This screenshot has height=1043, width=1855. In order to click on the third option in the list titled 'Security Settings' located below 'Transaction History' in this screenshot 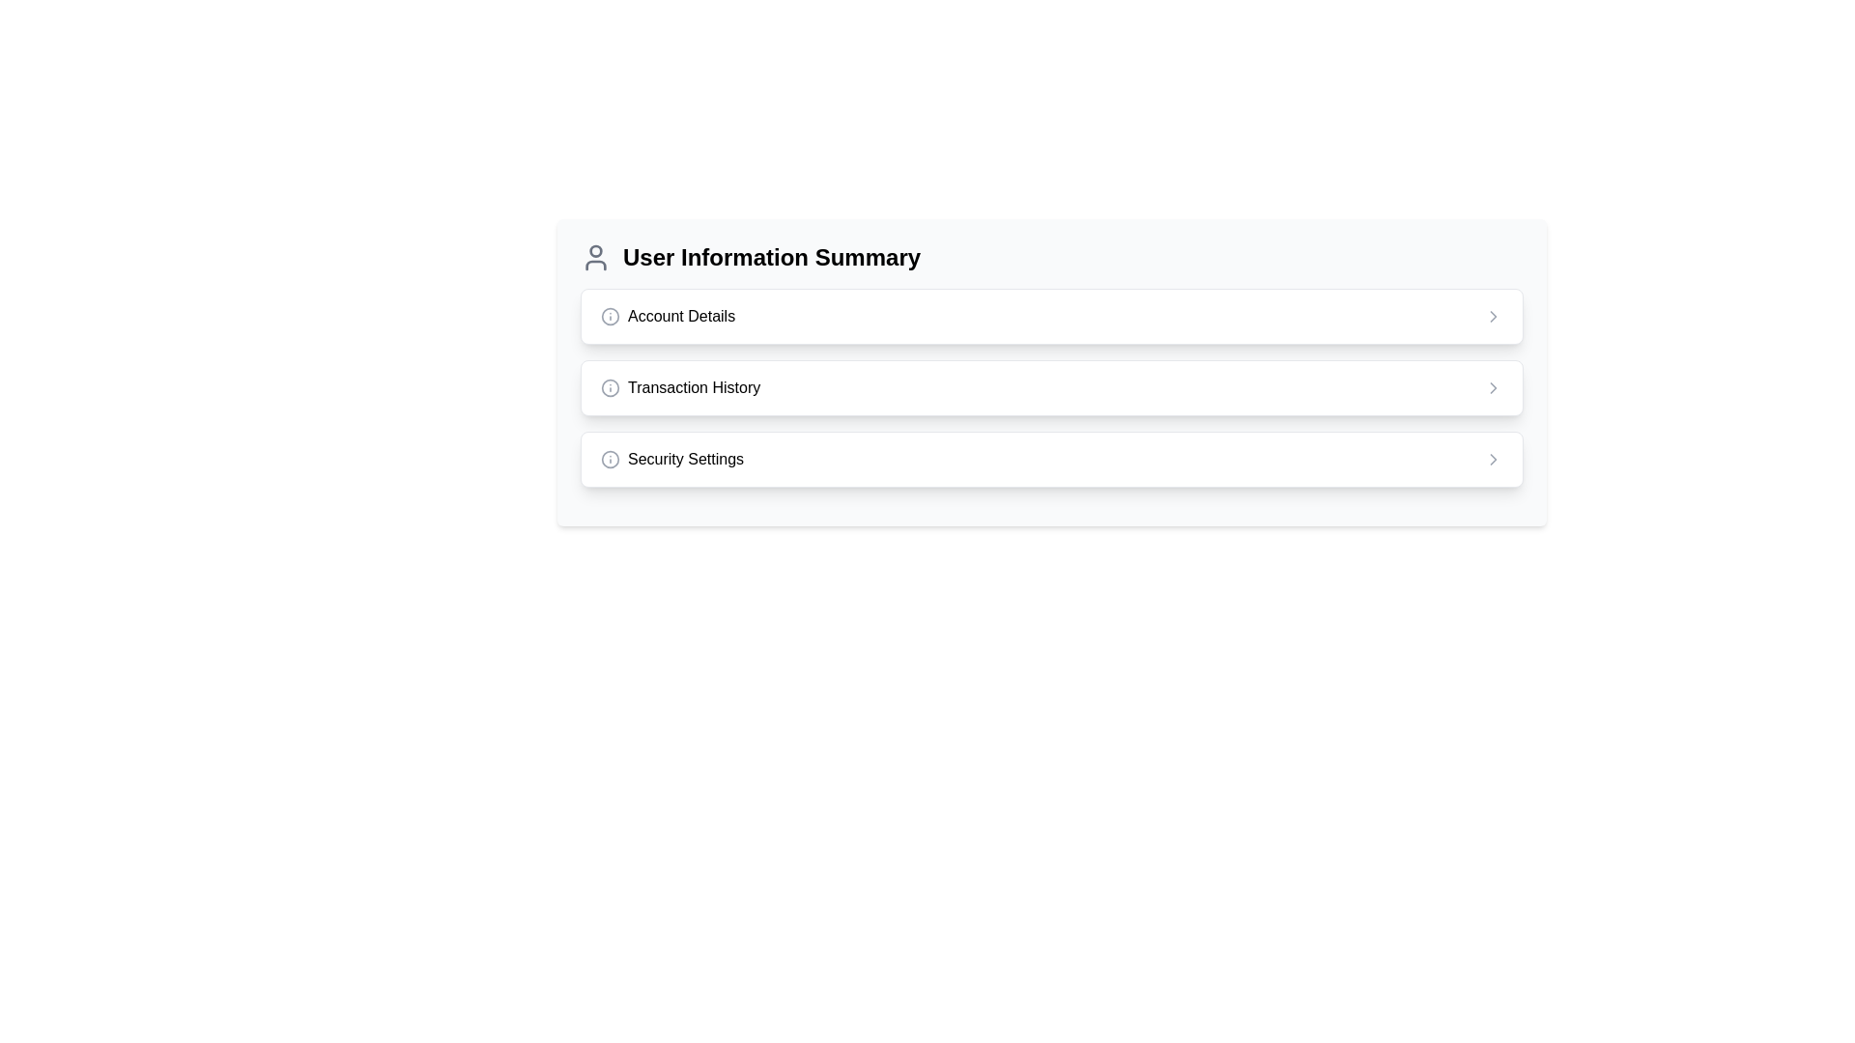, I will do `click(1051, 459)`.